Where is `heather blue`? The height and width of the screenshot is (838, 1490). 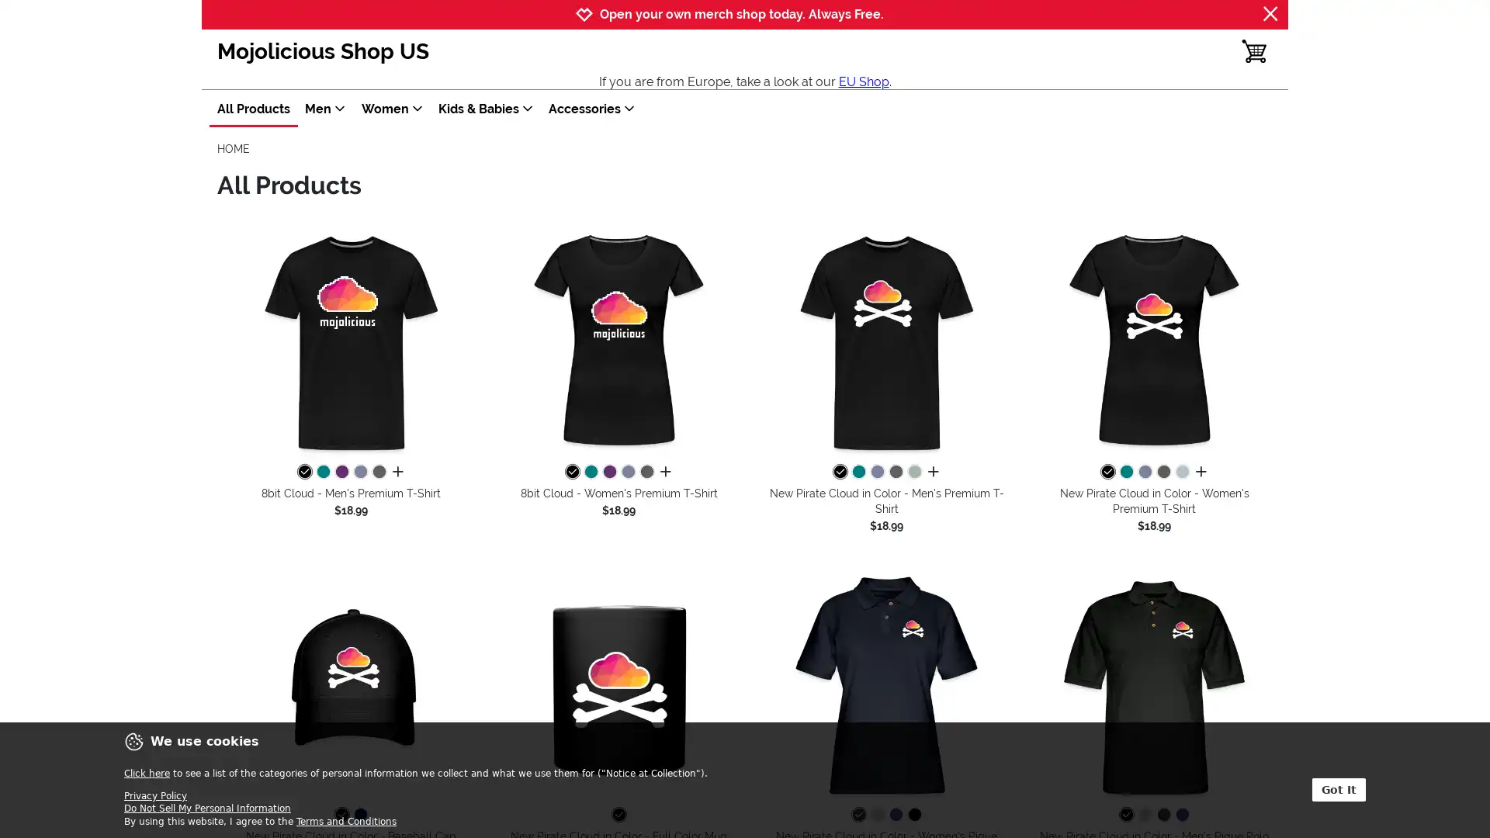
heather blue is located at coordinates (628, 472).